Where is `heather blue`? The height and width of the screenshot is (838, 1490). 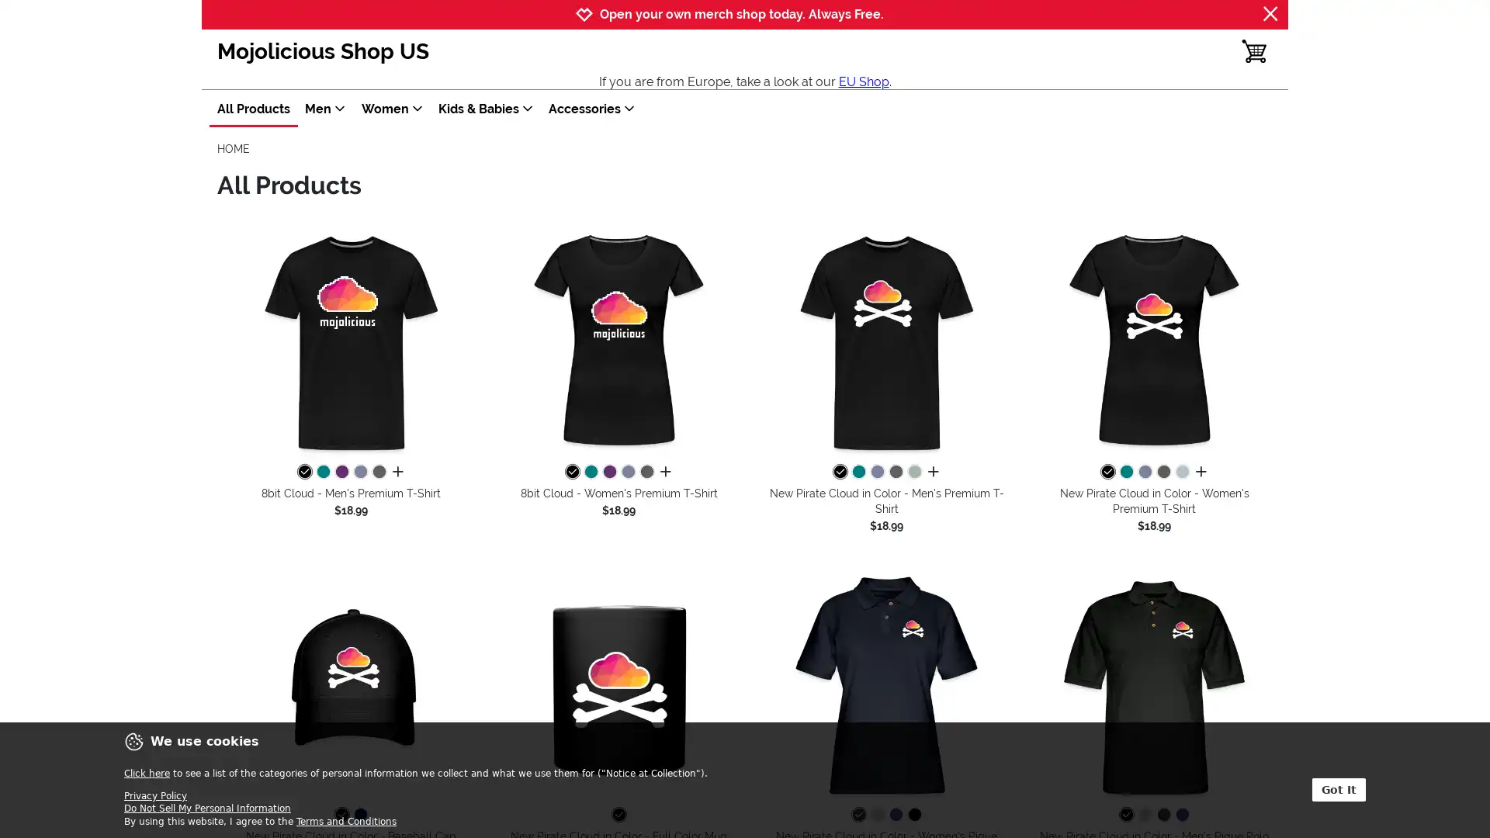
heather blue is located at coordinates (628, 472).